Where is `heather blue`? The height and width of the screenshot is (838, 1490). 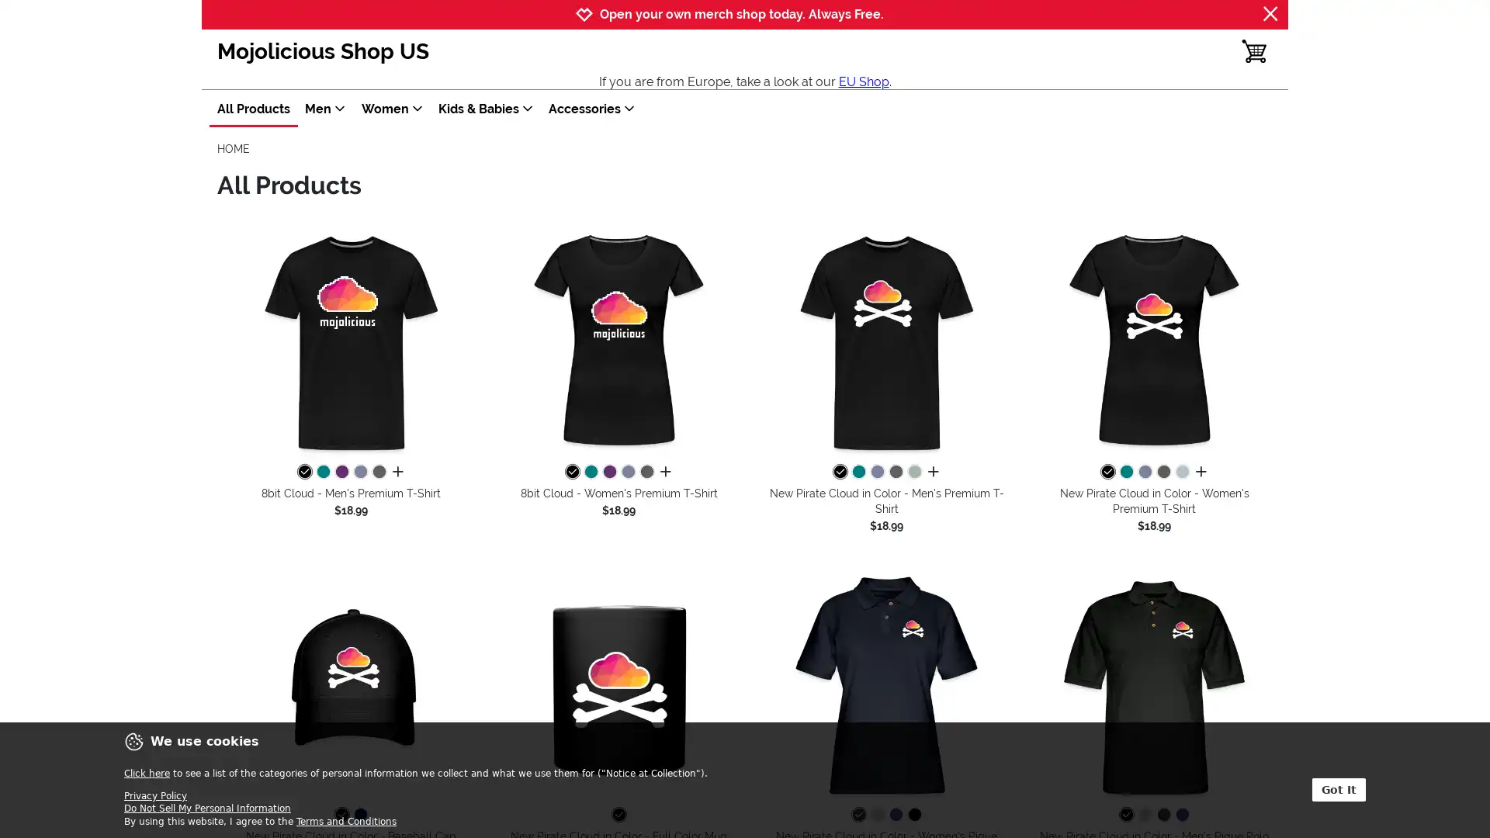
heather blue is located at coordinates (628, 472).